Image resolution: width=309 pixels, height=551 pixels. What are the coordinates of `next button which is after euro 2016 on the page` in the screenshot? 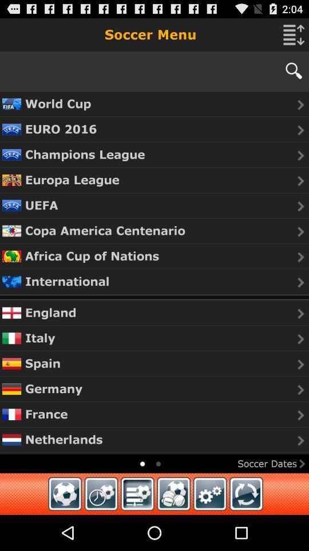 It's located at (301, 130).